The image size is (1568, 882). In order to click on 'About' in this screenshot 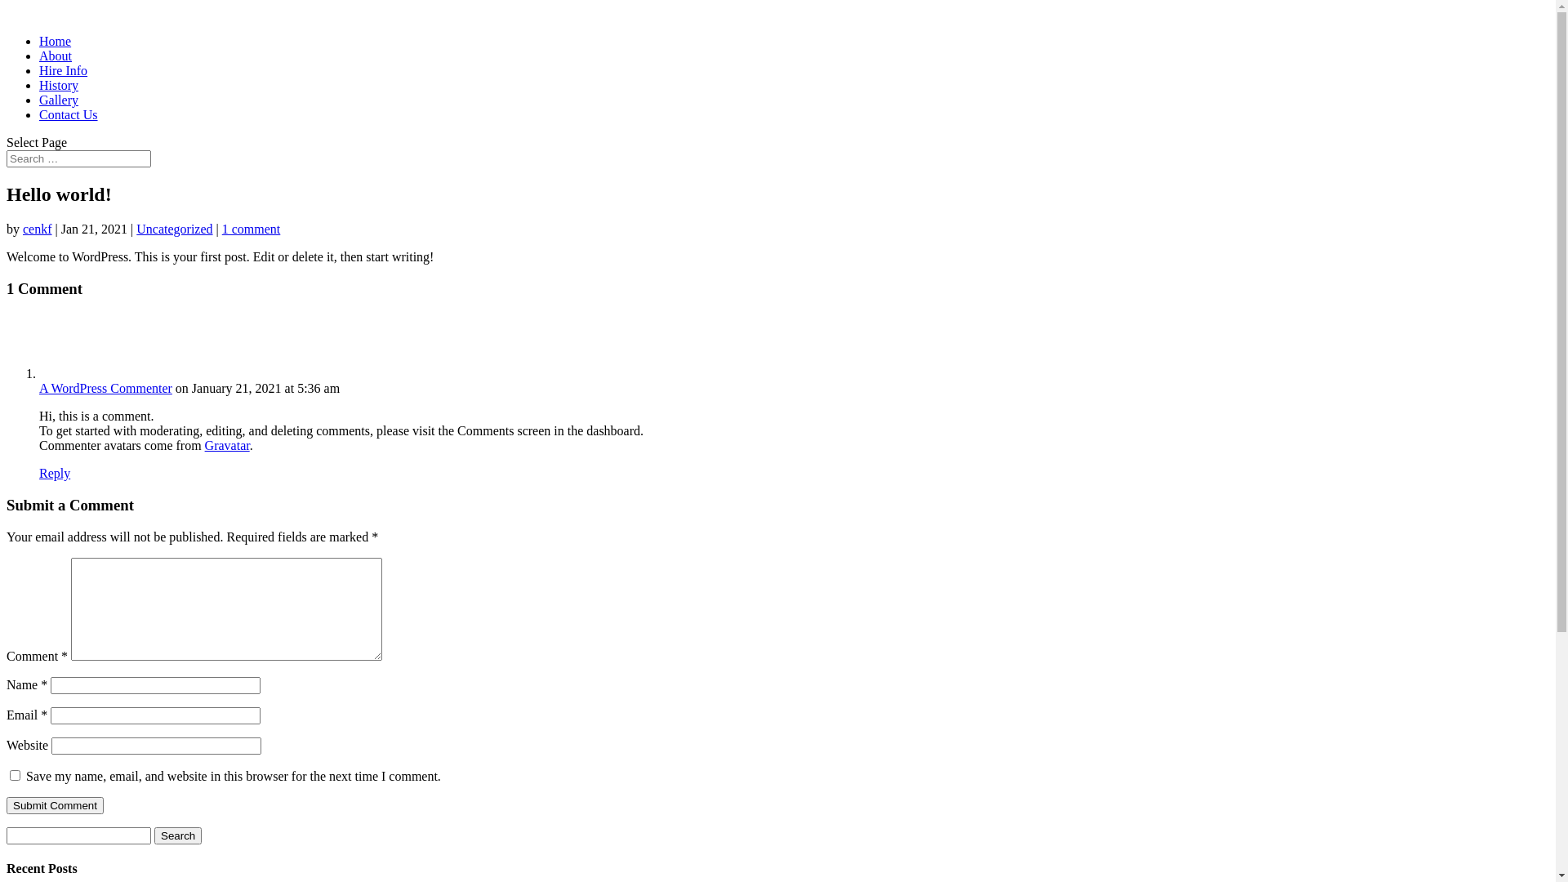, I will do `click(39, 55)`.